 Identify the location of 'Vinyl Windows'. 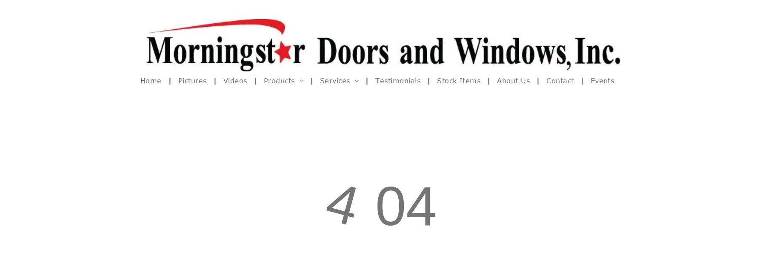
(269, 115).